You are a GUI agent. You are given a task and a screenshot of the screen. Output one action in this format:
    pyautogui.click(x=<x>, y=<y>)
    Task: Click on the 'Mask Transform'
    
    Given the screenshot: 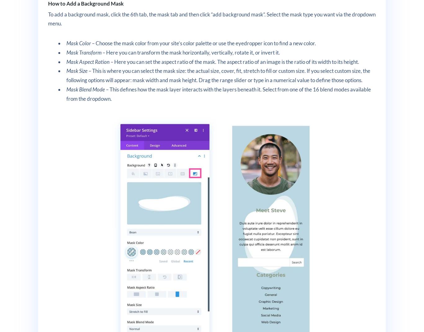 What is the action you would take?
    pyautogui.click(x=84, y=52)
    